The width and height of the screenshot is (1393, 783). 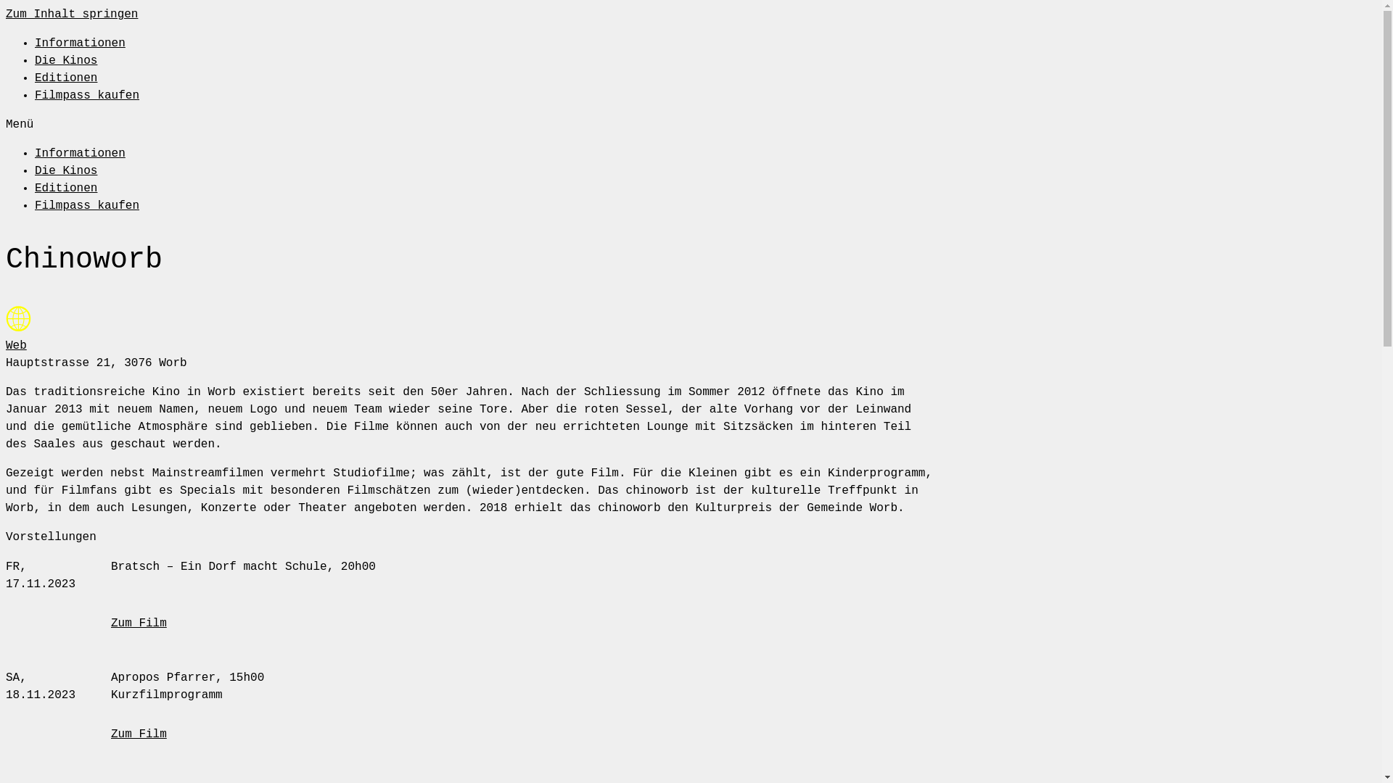 I want to click on 'Informationen', so click(x=79, y=43).